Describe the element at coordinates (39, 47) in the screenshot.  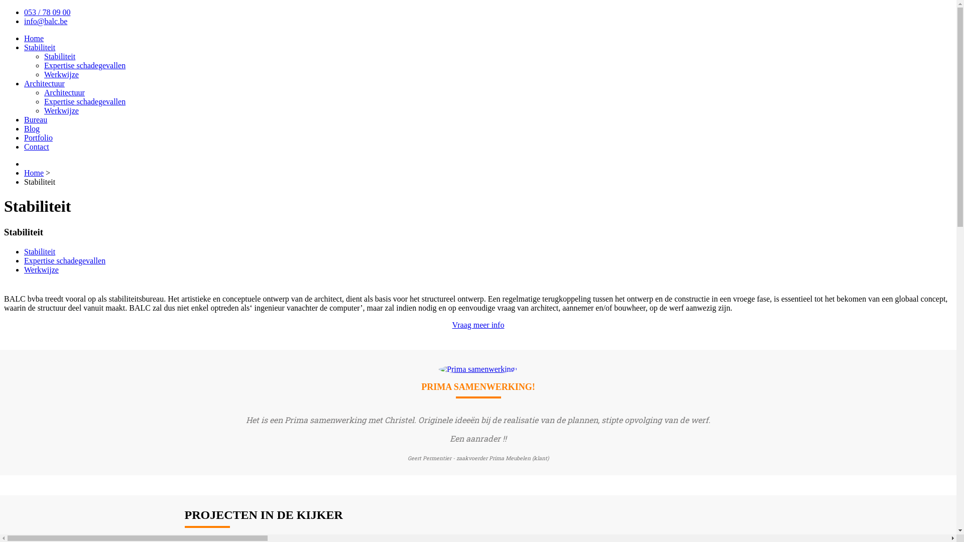
I see `'Stabiliteit'` at that location.